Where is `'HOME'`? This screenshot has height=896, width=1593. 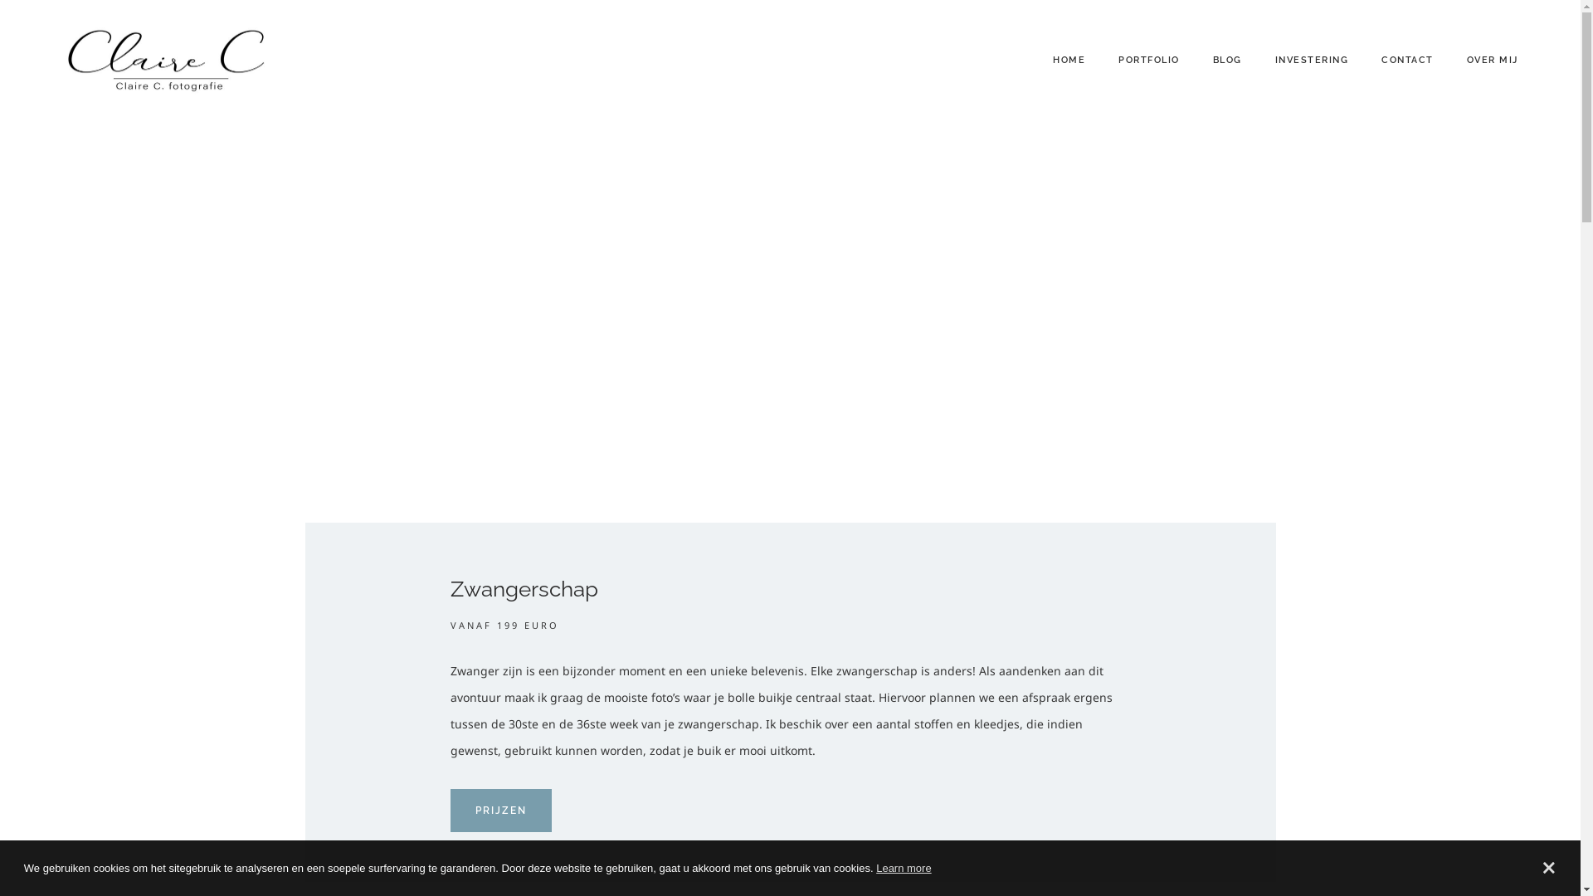
'HOME' is located at coordinates (1069, 60).